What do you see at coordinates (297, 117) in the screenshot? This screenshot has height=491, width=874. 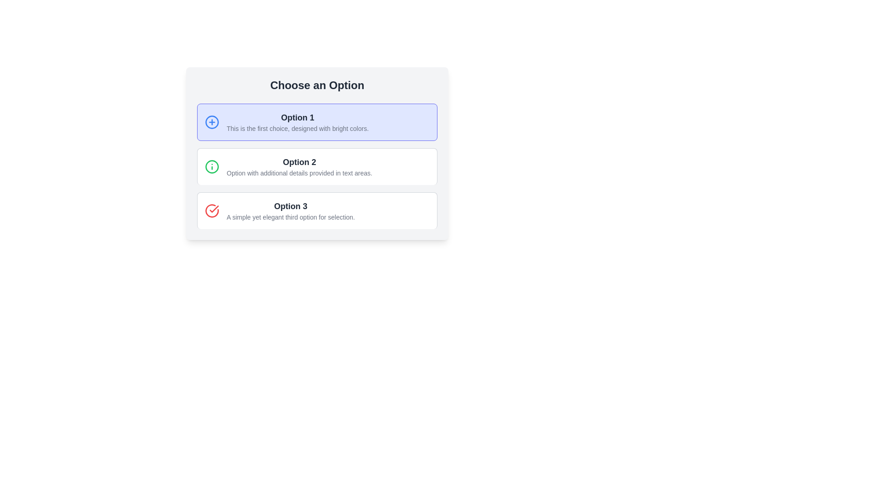 I see `text label that identifies the first option in the selection interface, labeled 'Option 1'` at bounding box center [297, 117].